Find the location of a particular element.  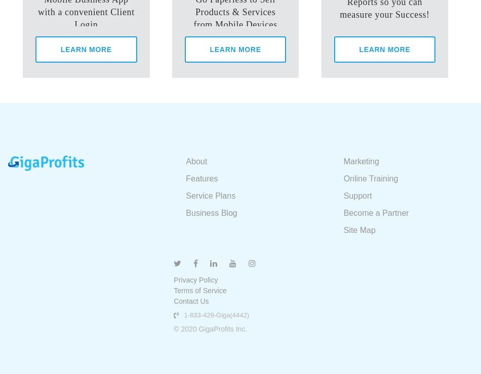

'Service Plans' is located at coordinates (185, 195).